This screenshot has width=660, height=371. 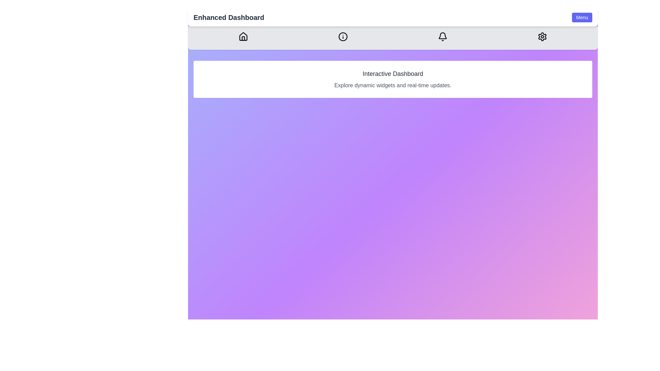 I want to click on the 'Menu' button to toggle the menu visibility, so click(x=582, y=17).